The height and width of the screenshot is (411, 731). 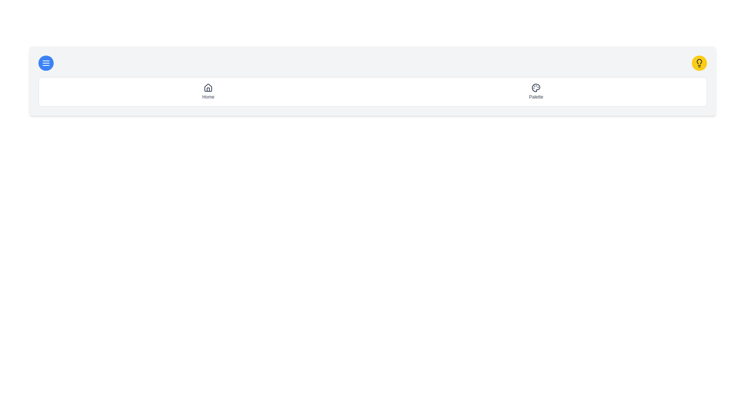 I want to click on the blue circular button containing the SVG menu icon with three horizontal lines, so click(x=45, y=62).